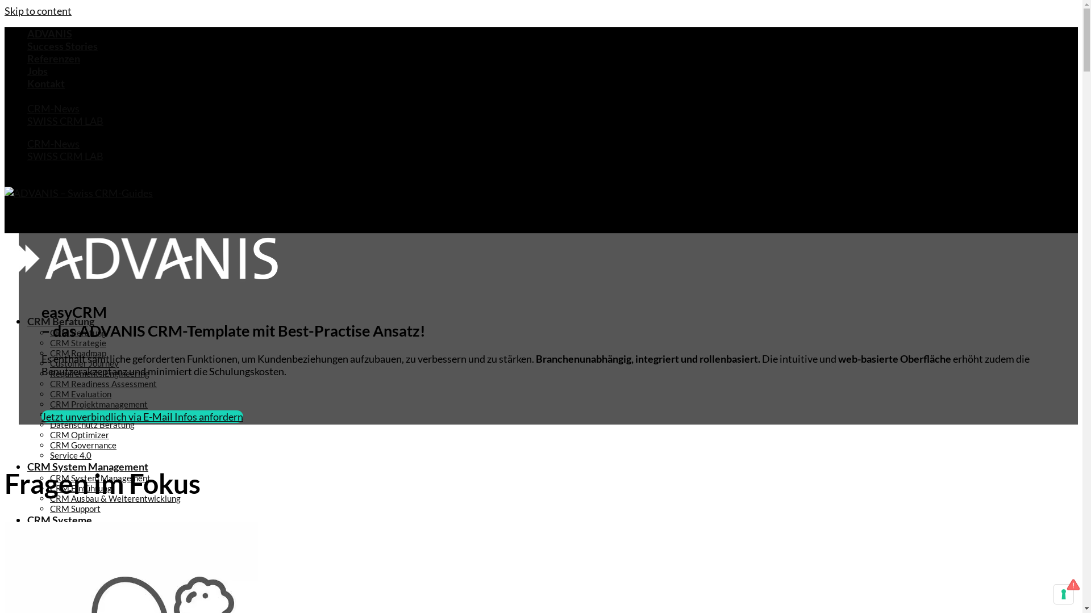 The height and width of the screenshot is (613, 1091). Describe the element at coordinates (49, 393) in the screenshot. I see `'CRM Evaluation'` at that location.